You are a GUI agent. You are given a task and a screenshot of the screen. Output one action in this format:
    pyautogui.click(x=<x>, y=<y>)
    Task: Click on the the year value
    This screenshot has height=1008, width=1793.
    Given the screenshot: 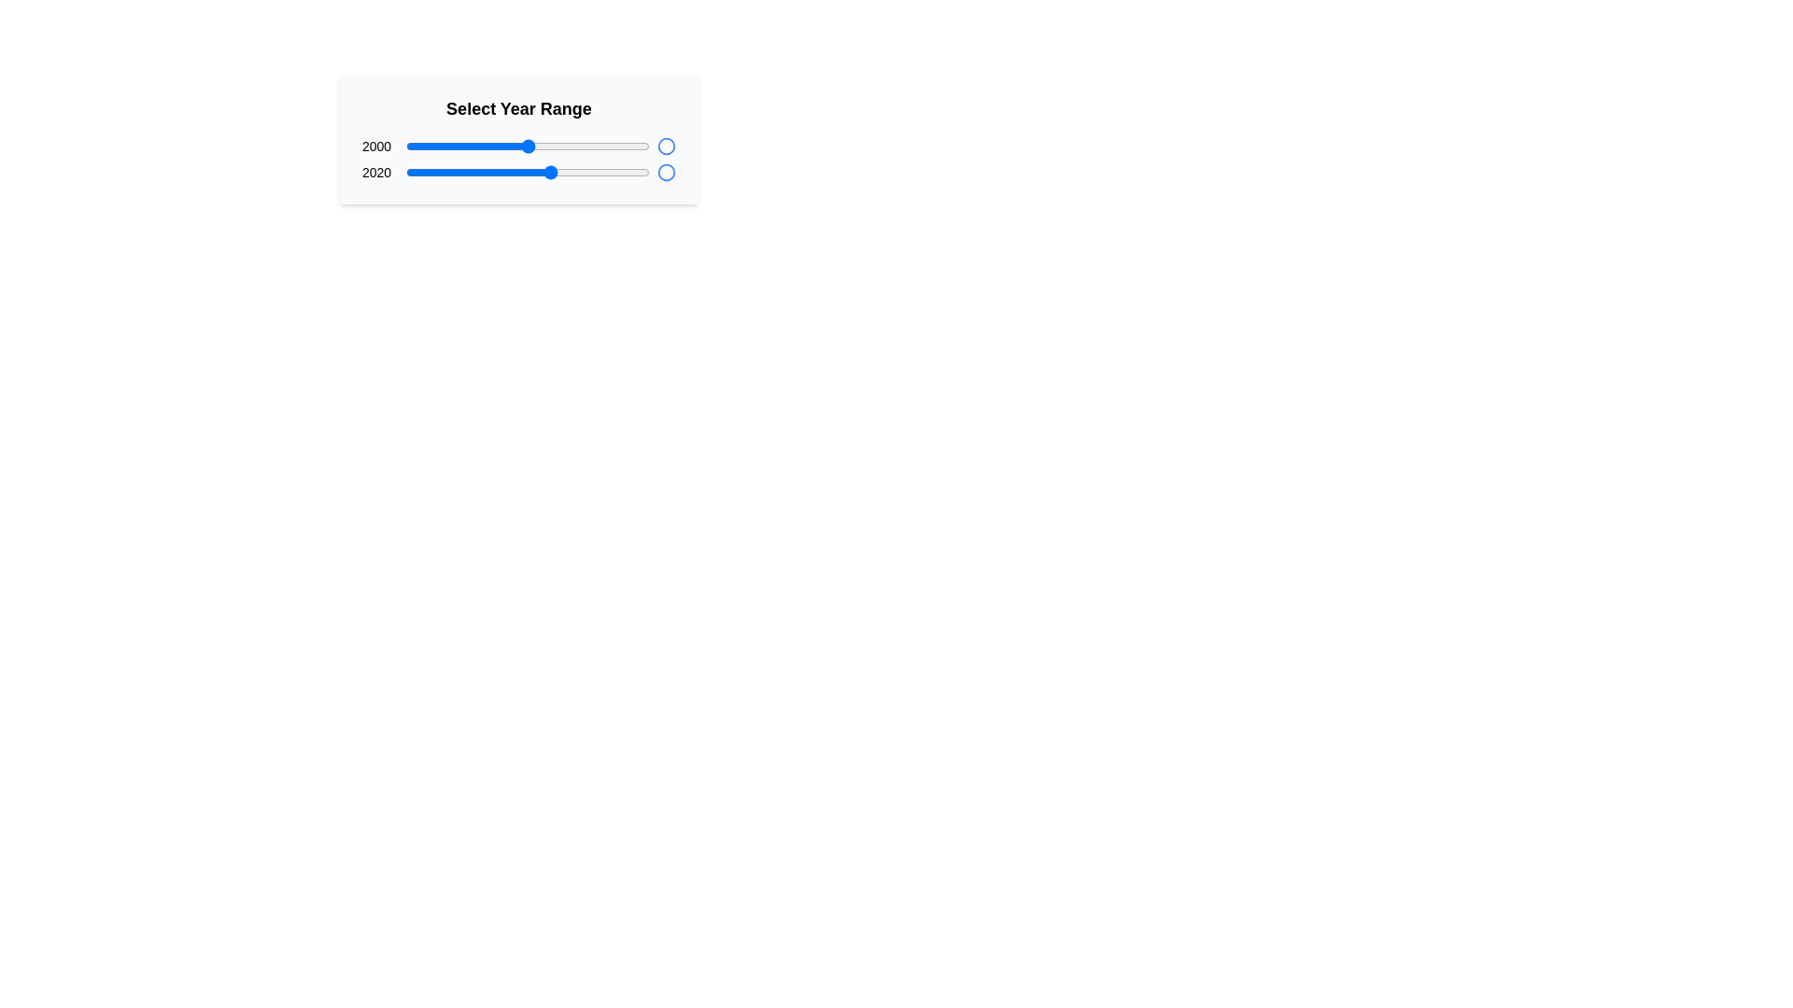 What is the action you would take?
    pyautogui.click(x=631, y=173)
    